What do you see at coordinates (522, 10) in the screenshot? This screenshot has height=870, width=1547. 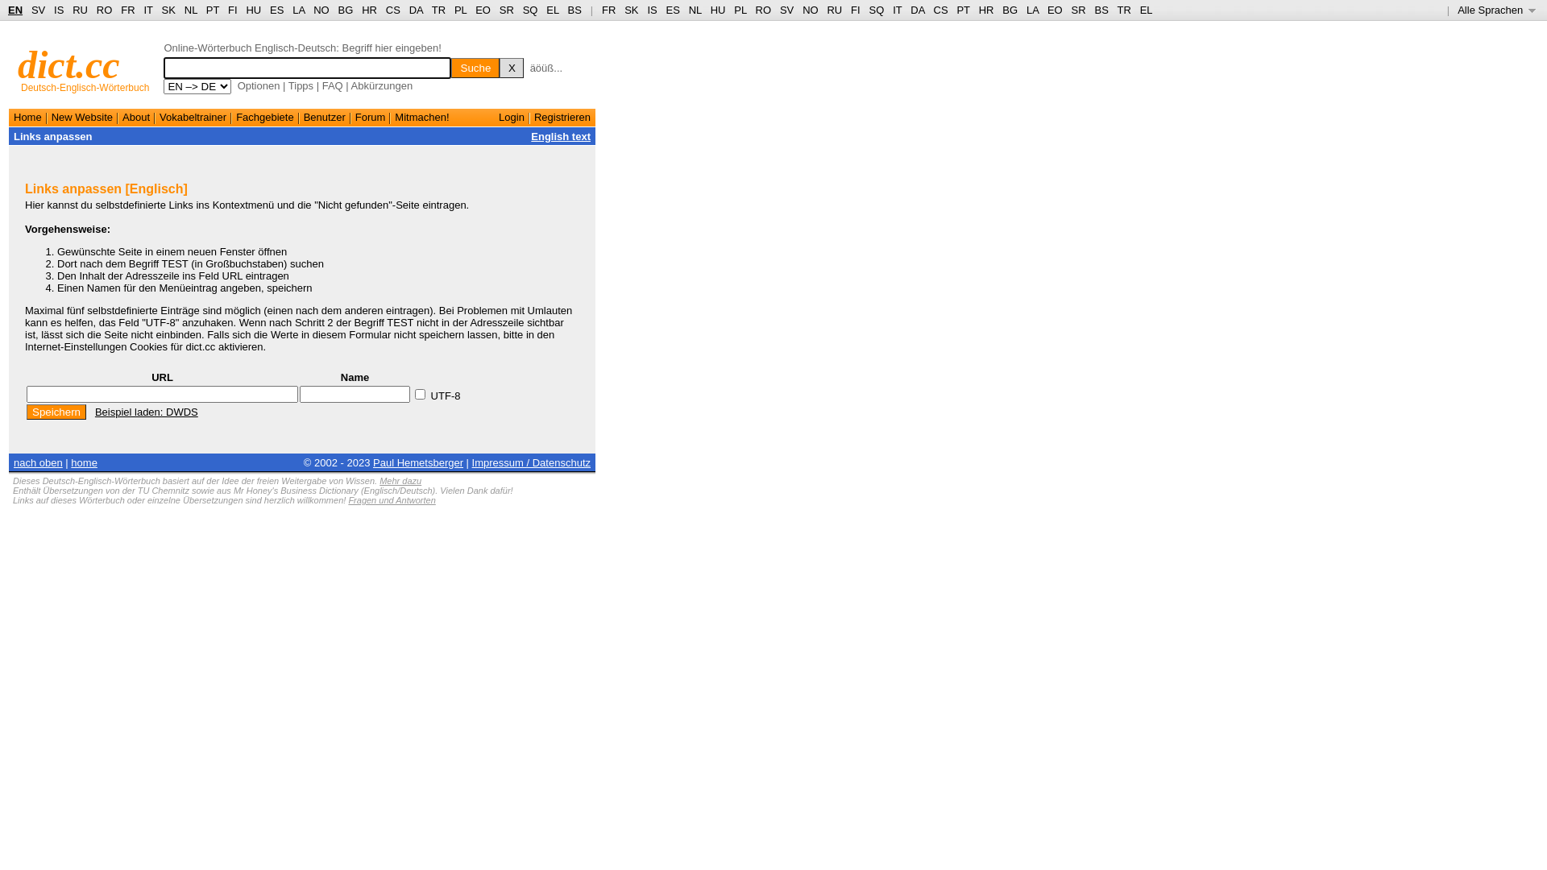 I see `'SQ'` at bounding box center [522, 10].